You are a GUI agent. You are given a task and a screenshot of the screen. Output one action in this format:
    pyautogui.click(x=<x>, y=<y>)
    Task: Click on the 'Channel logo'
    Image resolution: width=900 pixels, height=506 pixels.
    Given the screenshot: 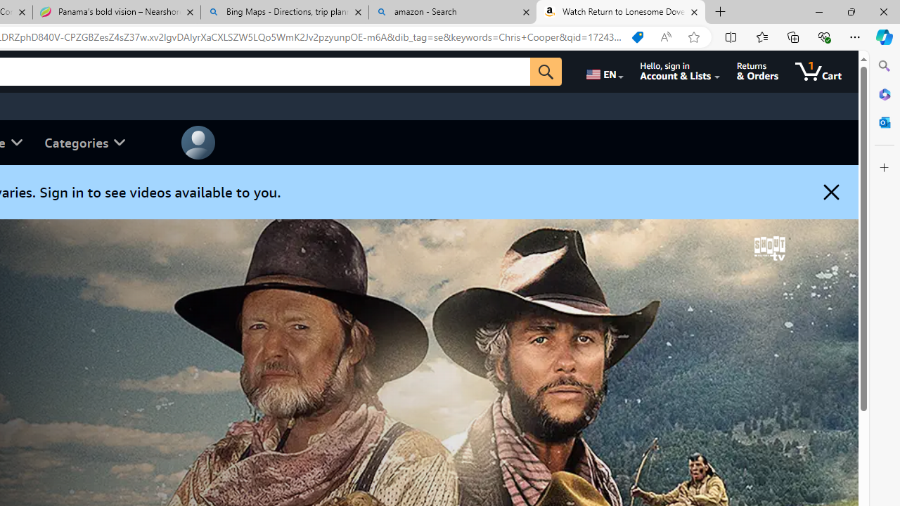 What is the action you would take?
    pyautogui.click(x=769, y=247)
    